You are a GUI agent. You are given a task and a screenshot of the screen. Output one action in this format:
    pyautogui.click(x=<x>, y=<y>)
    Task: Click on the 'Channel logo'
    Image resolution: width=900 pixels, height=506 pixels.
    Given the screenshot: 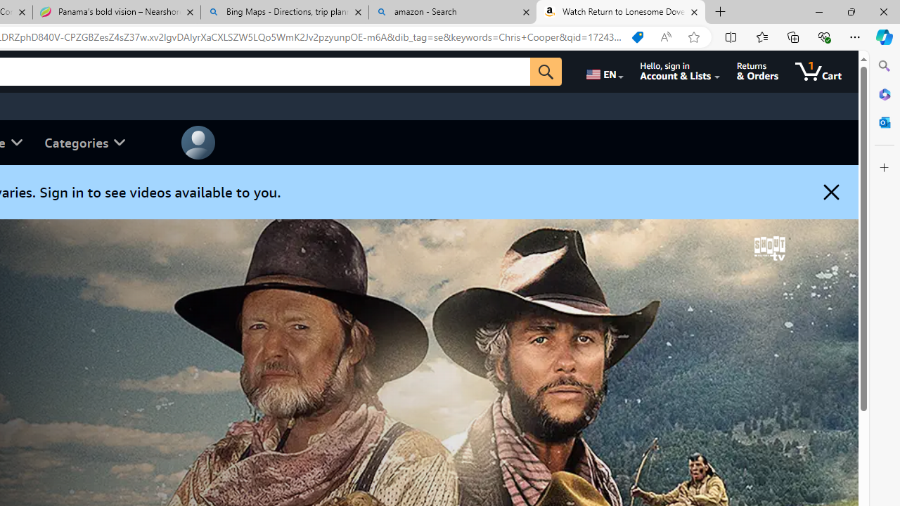 What is the action you would take?
    pyautogui.click(x=769, y=247)
    